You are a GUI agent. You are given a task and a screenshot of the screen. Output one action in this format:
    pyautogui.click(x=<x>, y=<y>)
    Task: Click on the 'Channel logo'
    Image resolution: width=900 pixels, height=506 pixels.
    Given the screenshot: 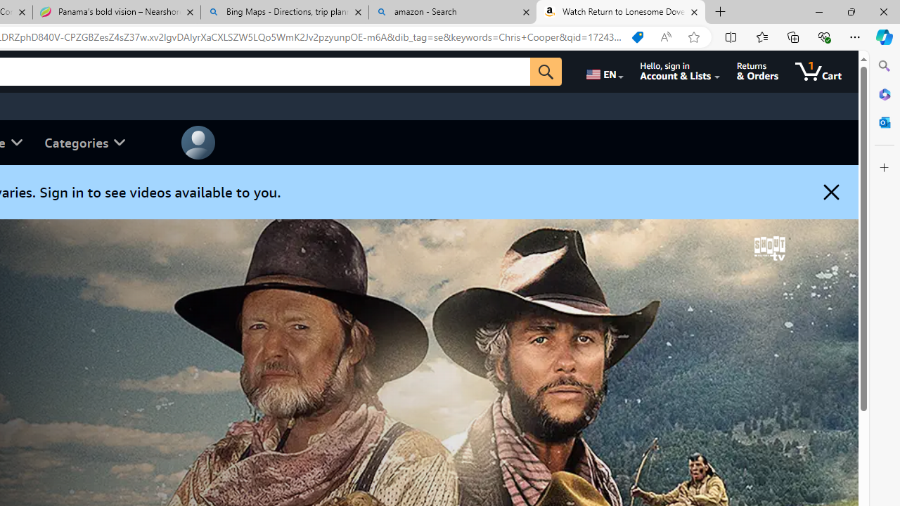 What is the action you would take?
    pyautogui.click(x=769, y=247)
    